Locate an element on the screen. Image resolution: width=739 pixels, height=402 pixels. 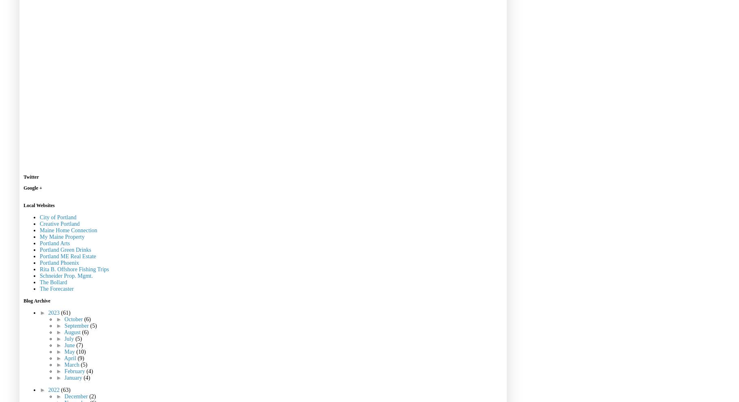
'Schneider Prop. Mgmt.' is located at coordinates (66, 275).